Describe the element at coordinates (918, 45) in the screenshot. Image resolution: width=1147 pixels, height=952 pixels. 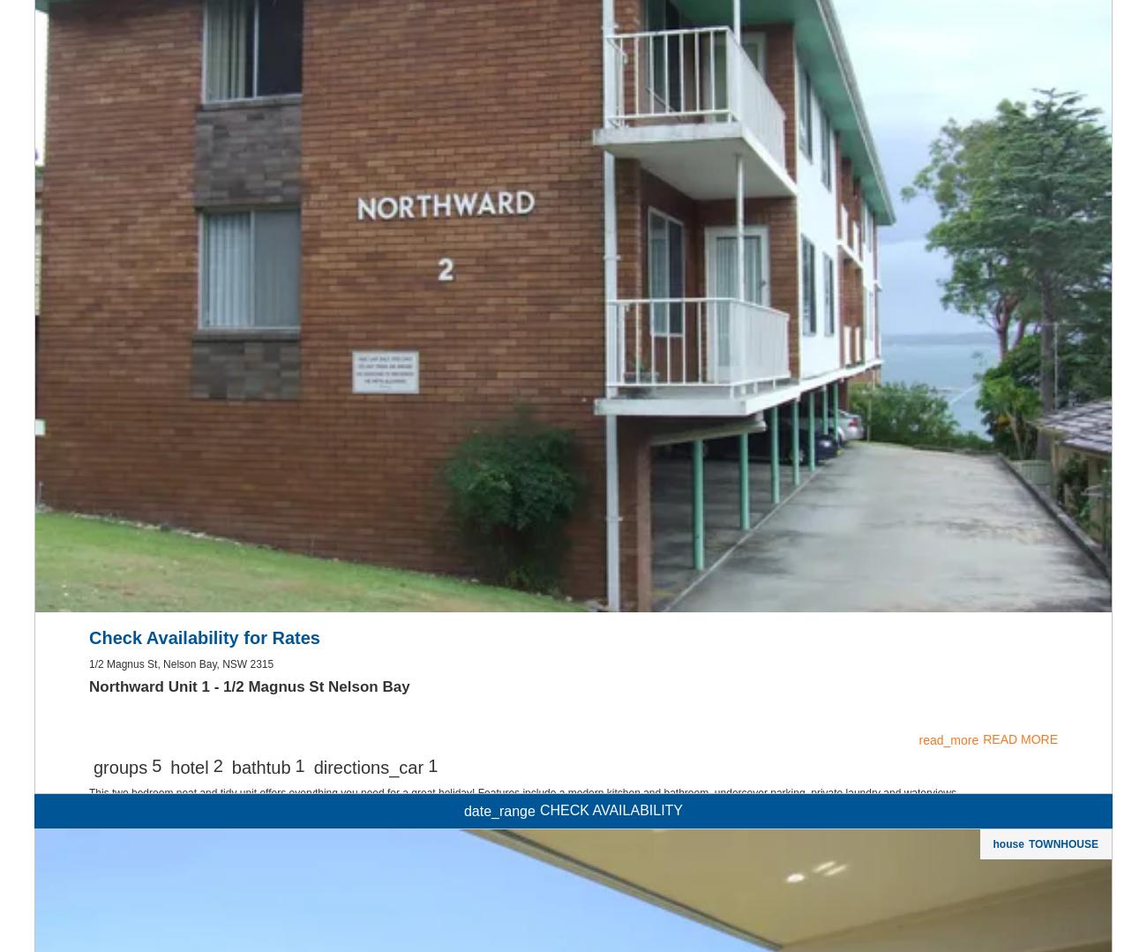
I see `'read_more'` at that location.